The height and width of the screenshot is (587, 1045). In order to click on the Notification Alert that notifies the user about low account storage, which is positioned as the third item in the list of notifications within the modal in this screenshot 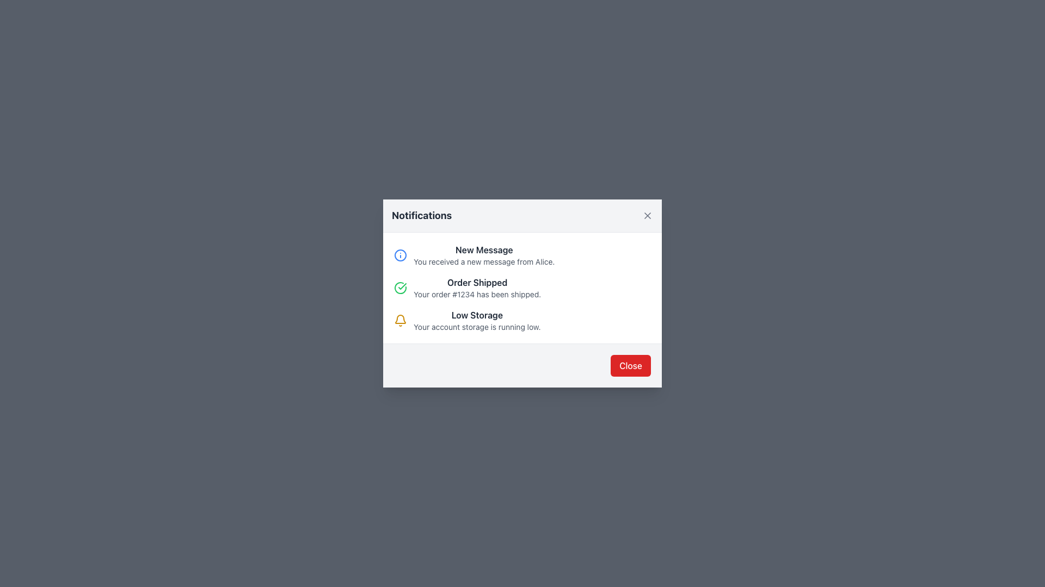, I will do `click(522, 320)`.